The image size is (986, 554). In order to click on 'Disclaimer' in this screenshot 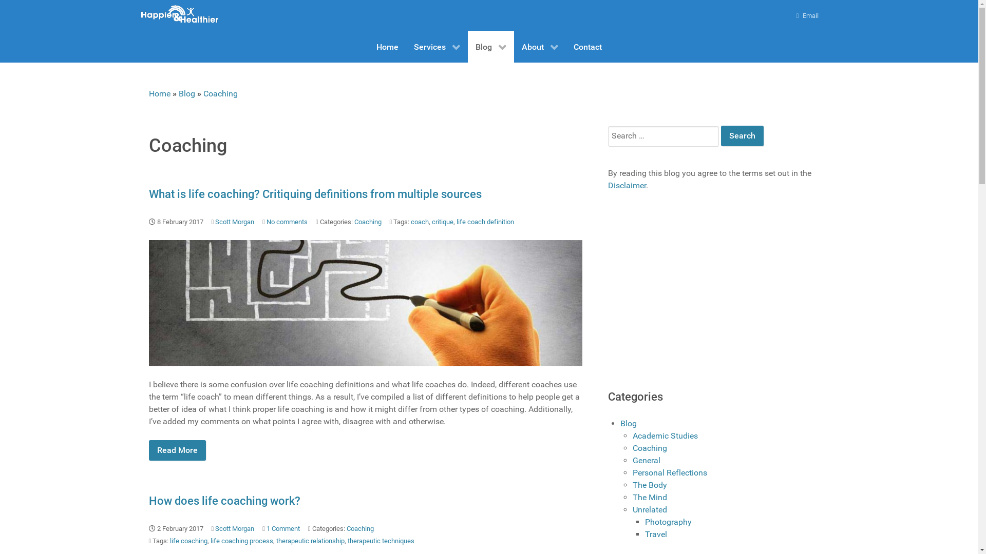, I will do `click(626, 185)`.